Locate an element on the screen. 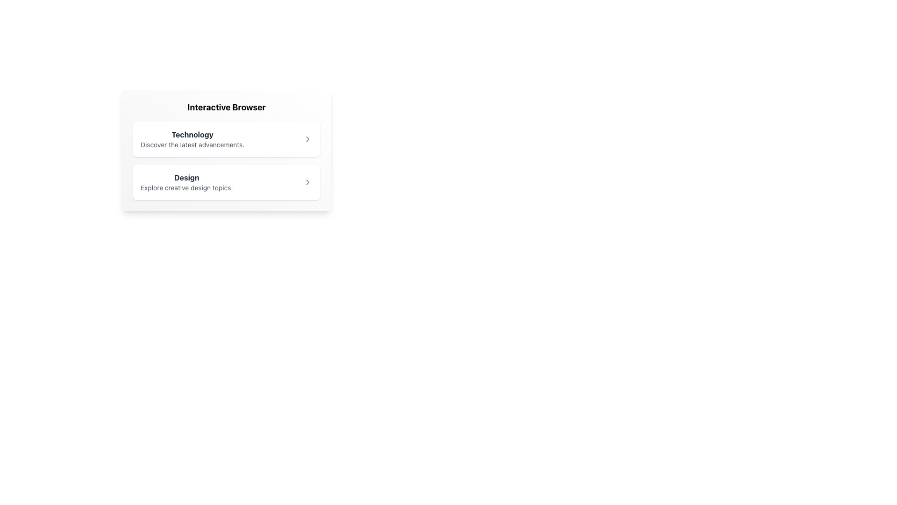  the descriptive label and summary Text block for the 'Technology' category located in the top section of the interface, above the 'Design' element is located at coordinates (192, 139).